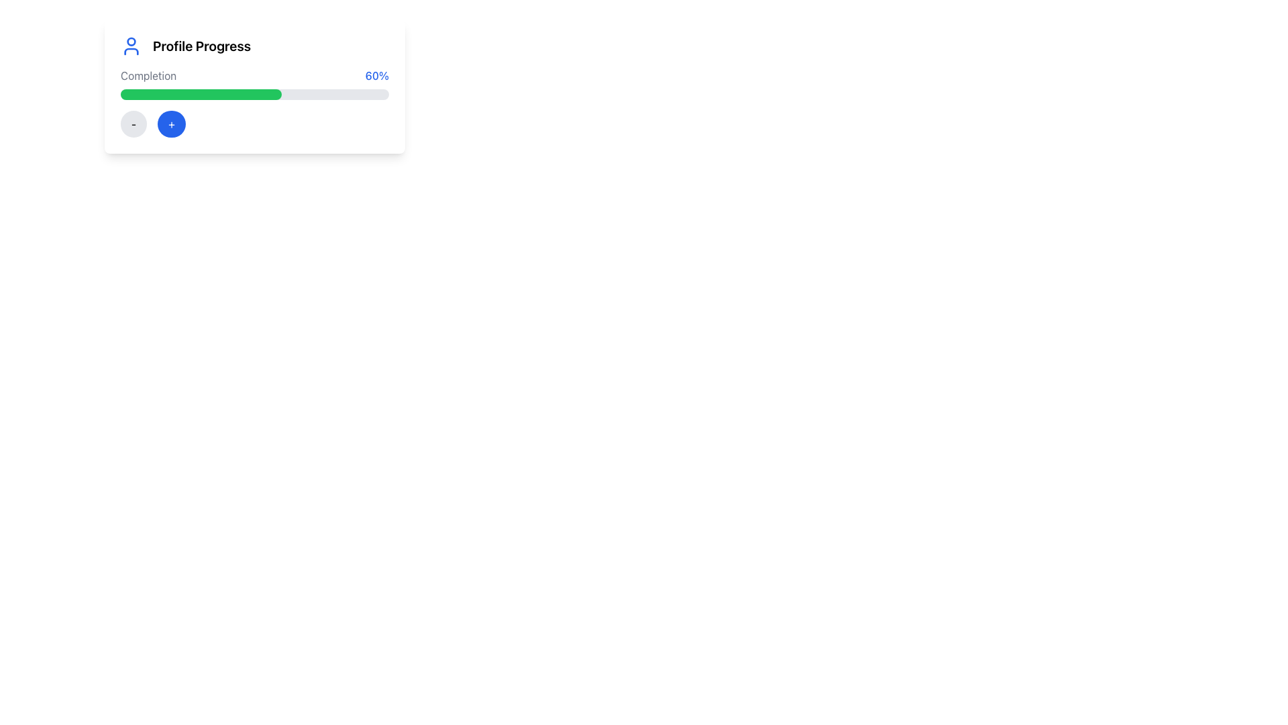 This screenshot has height=725, width=1288. I want to click on the progress bar which has a gray background and a green filled portion, located below the 'Completion' label and '60%' text, so click(254, 94).